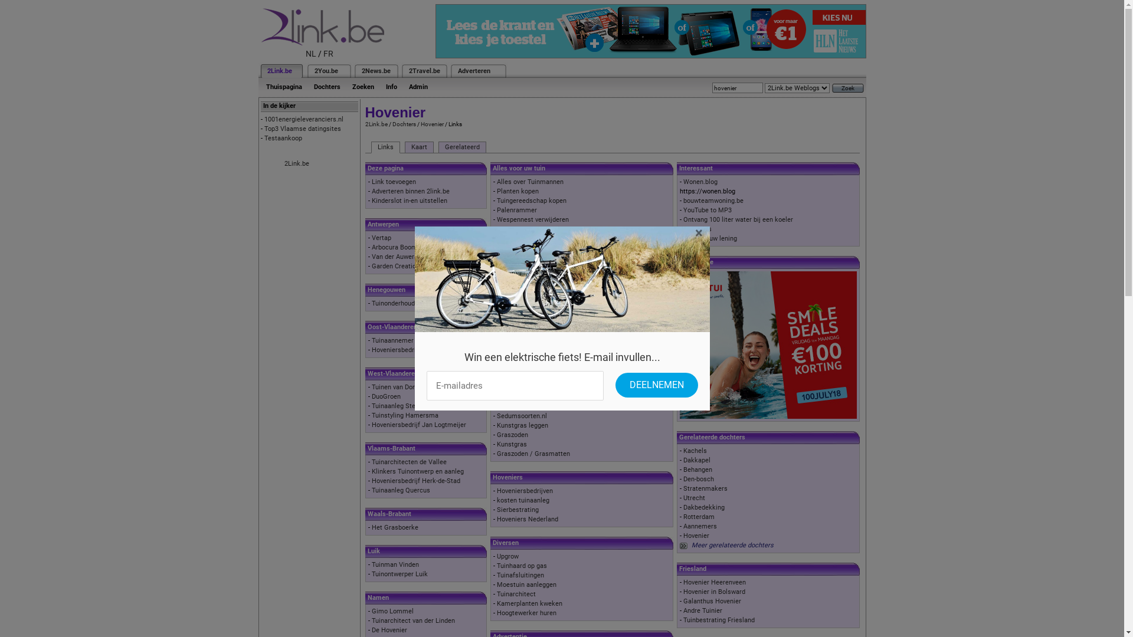 Image resolution: width=1133 pixels, height=637 pixels. Describe the element at coordinates (397, 387) in the screenshot. I see `'Tuinen van Dorpe'` at that location.